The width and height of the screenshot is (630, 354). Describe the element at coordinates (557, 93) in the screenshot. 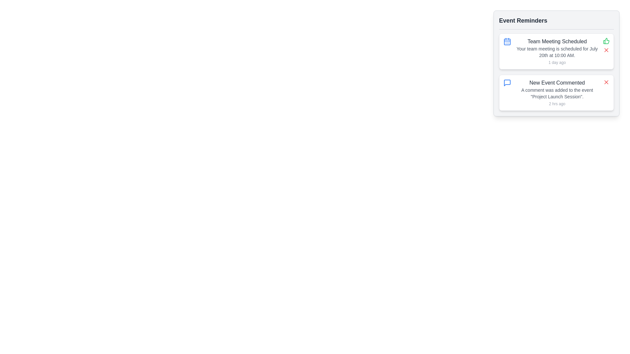

I see `the static text component displaying the message 'A comment was added to the event "Project Launch Session"', which is located below the header 'New Event Commented' and above the timestamp '2 hrs ago'` at that location.